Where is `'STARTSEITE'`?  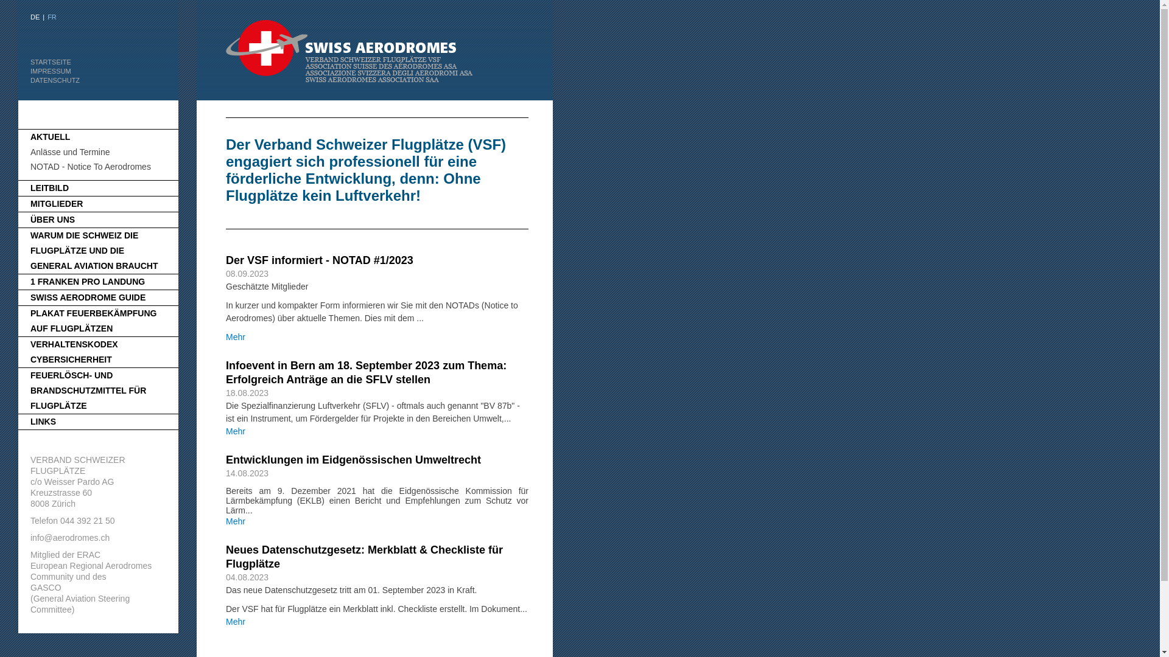
'STARTSEITE' is located at coordinates (50, 61).